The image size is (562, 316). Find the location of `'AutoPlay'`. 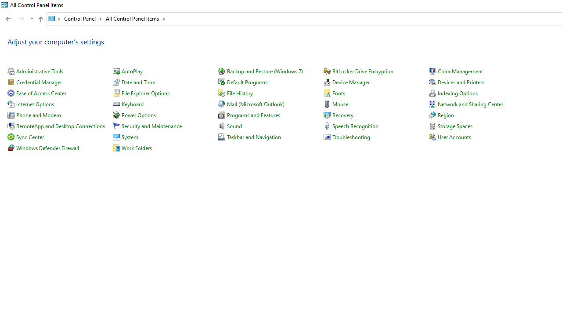

'AutoPlay' is located at coordinates (131, 71).